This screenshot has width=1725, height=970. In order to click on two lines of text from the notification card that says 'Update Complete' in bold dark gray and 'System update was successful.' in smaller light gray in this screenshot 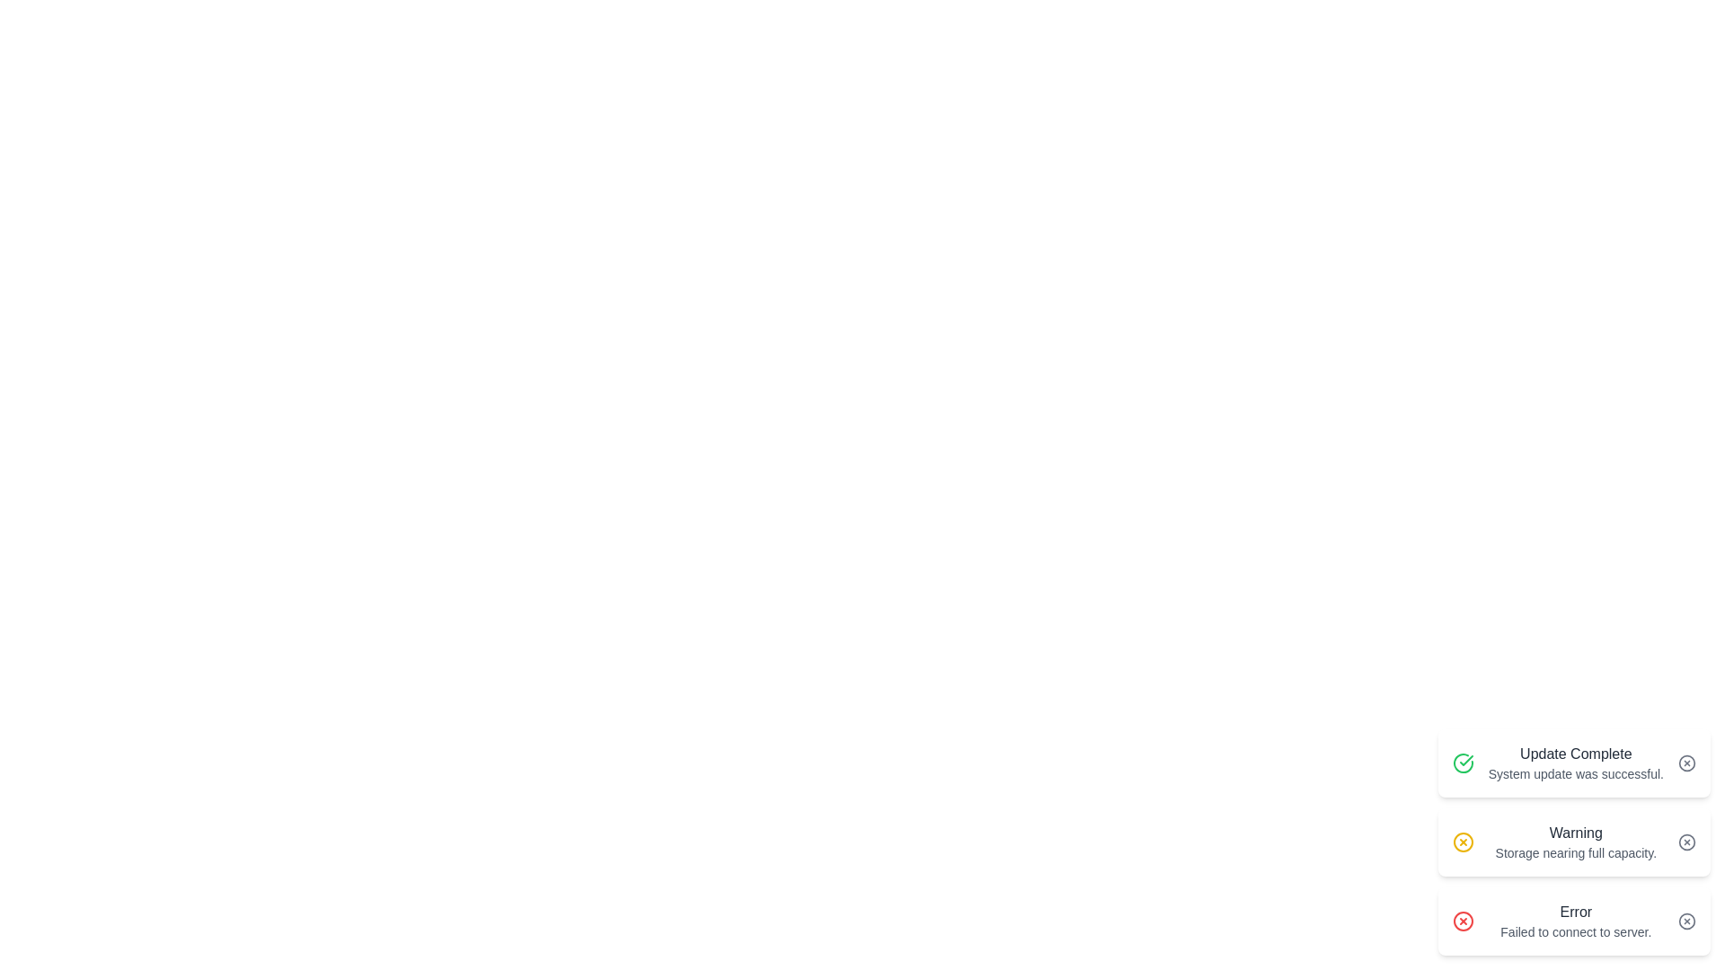, I will do `click(1575, 763)`.